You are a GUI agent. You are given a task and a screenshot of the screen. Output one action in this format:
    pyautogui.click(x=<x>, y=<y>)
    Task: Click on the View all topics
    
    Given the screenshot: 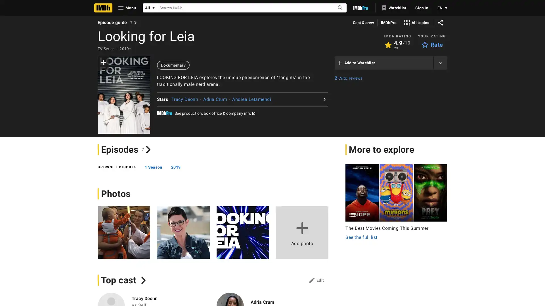 What is the action you would take?
    pyautogui.click(x=417, y=22)
    